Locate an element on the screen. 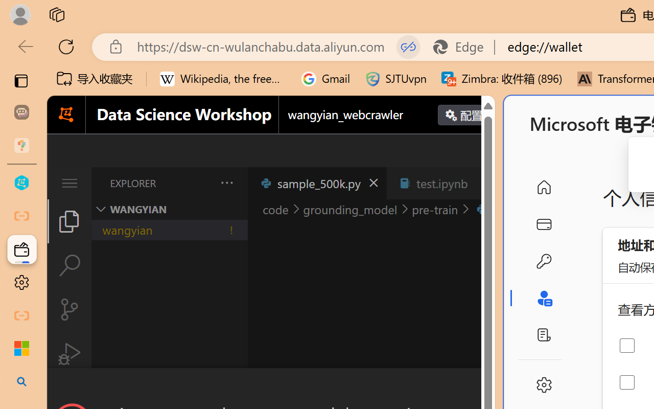  'Microsoft security help and learning' is located at coordinates (21, 349).